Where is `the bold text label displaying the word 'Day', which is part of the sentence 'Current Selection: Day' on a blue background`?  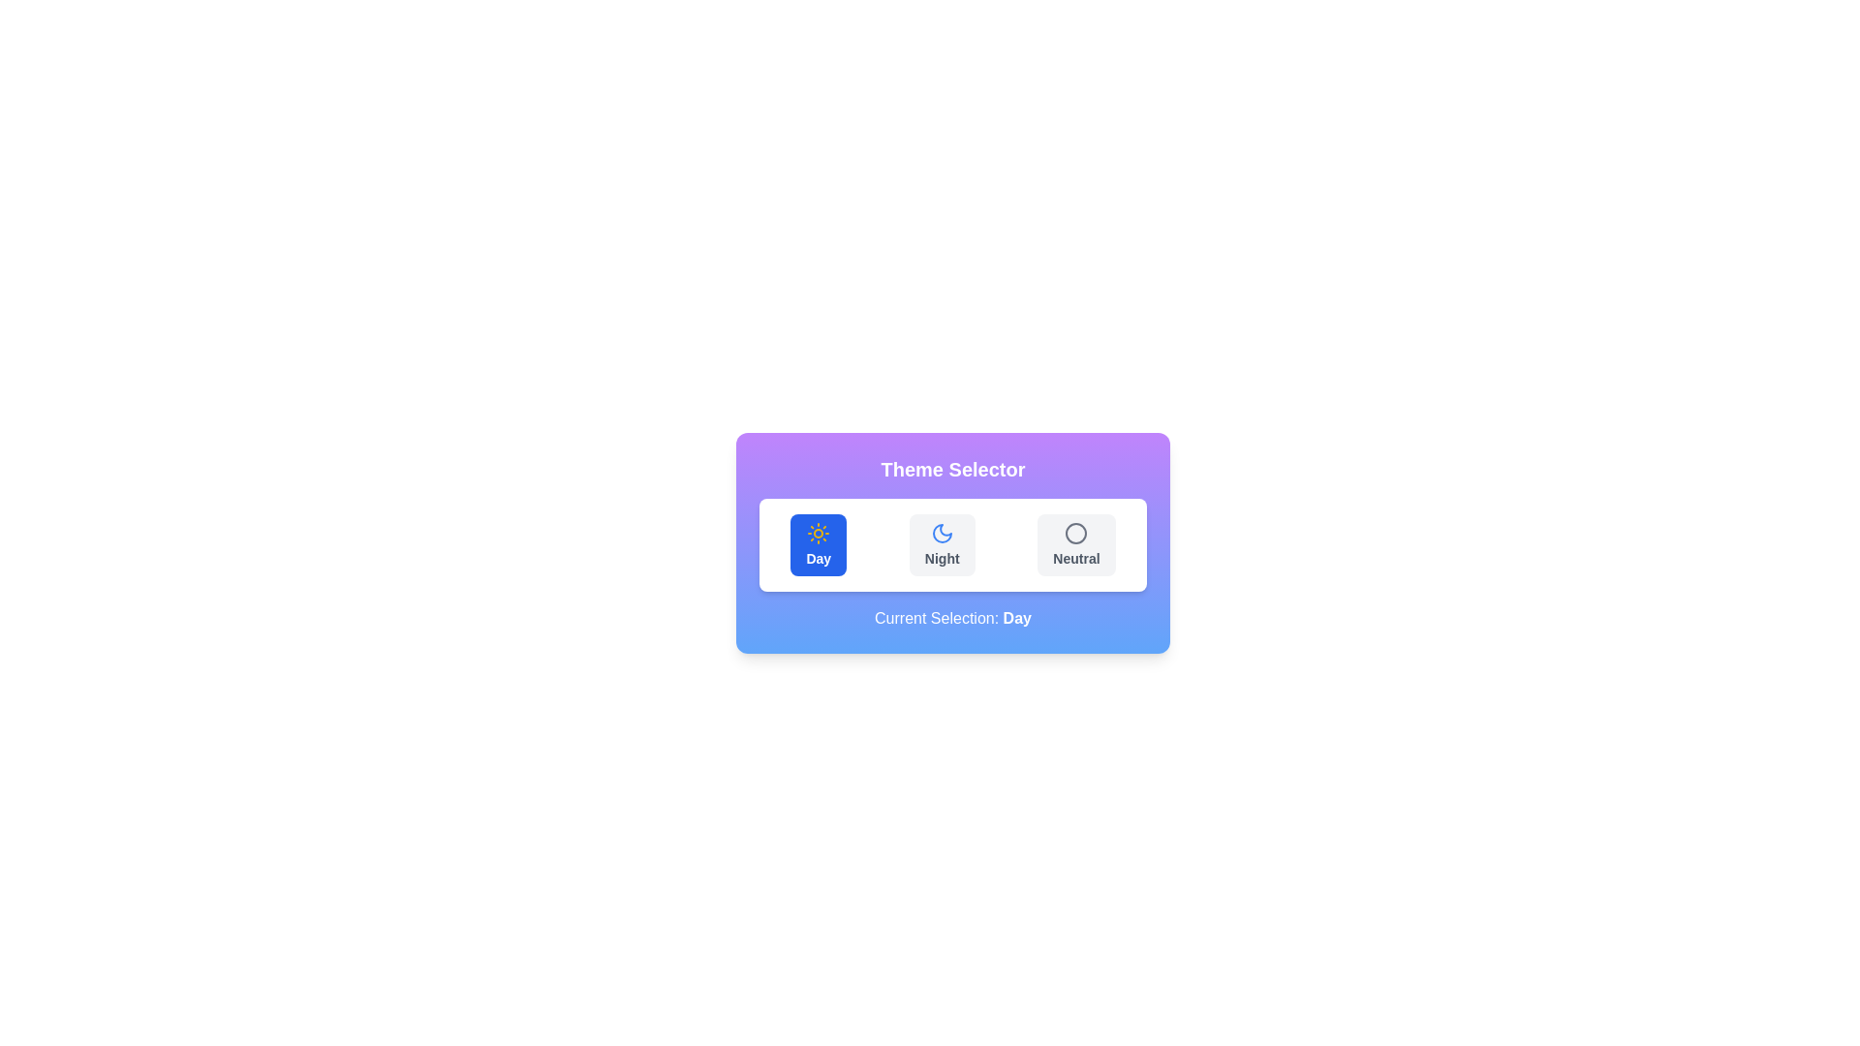 the bold text label displaying the word 'Day', which is part of the sentence 'Current Selection: Day' on a blue background is located at coordinates (1016, 618).